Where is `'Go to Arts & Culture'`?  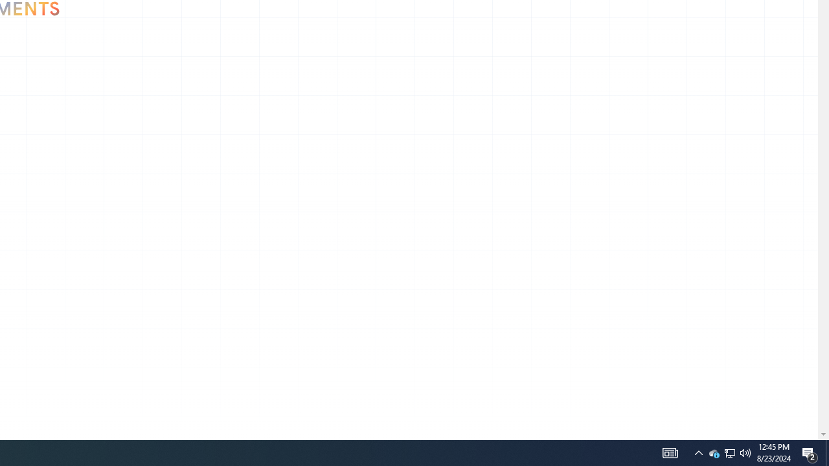
'Go to Arts & Culture' is located at coordinates (90, 67).